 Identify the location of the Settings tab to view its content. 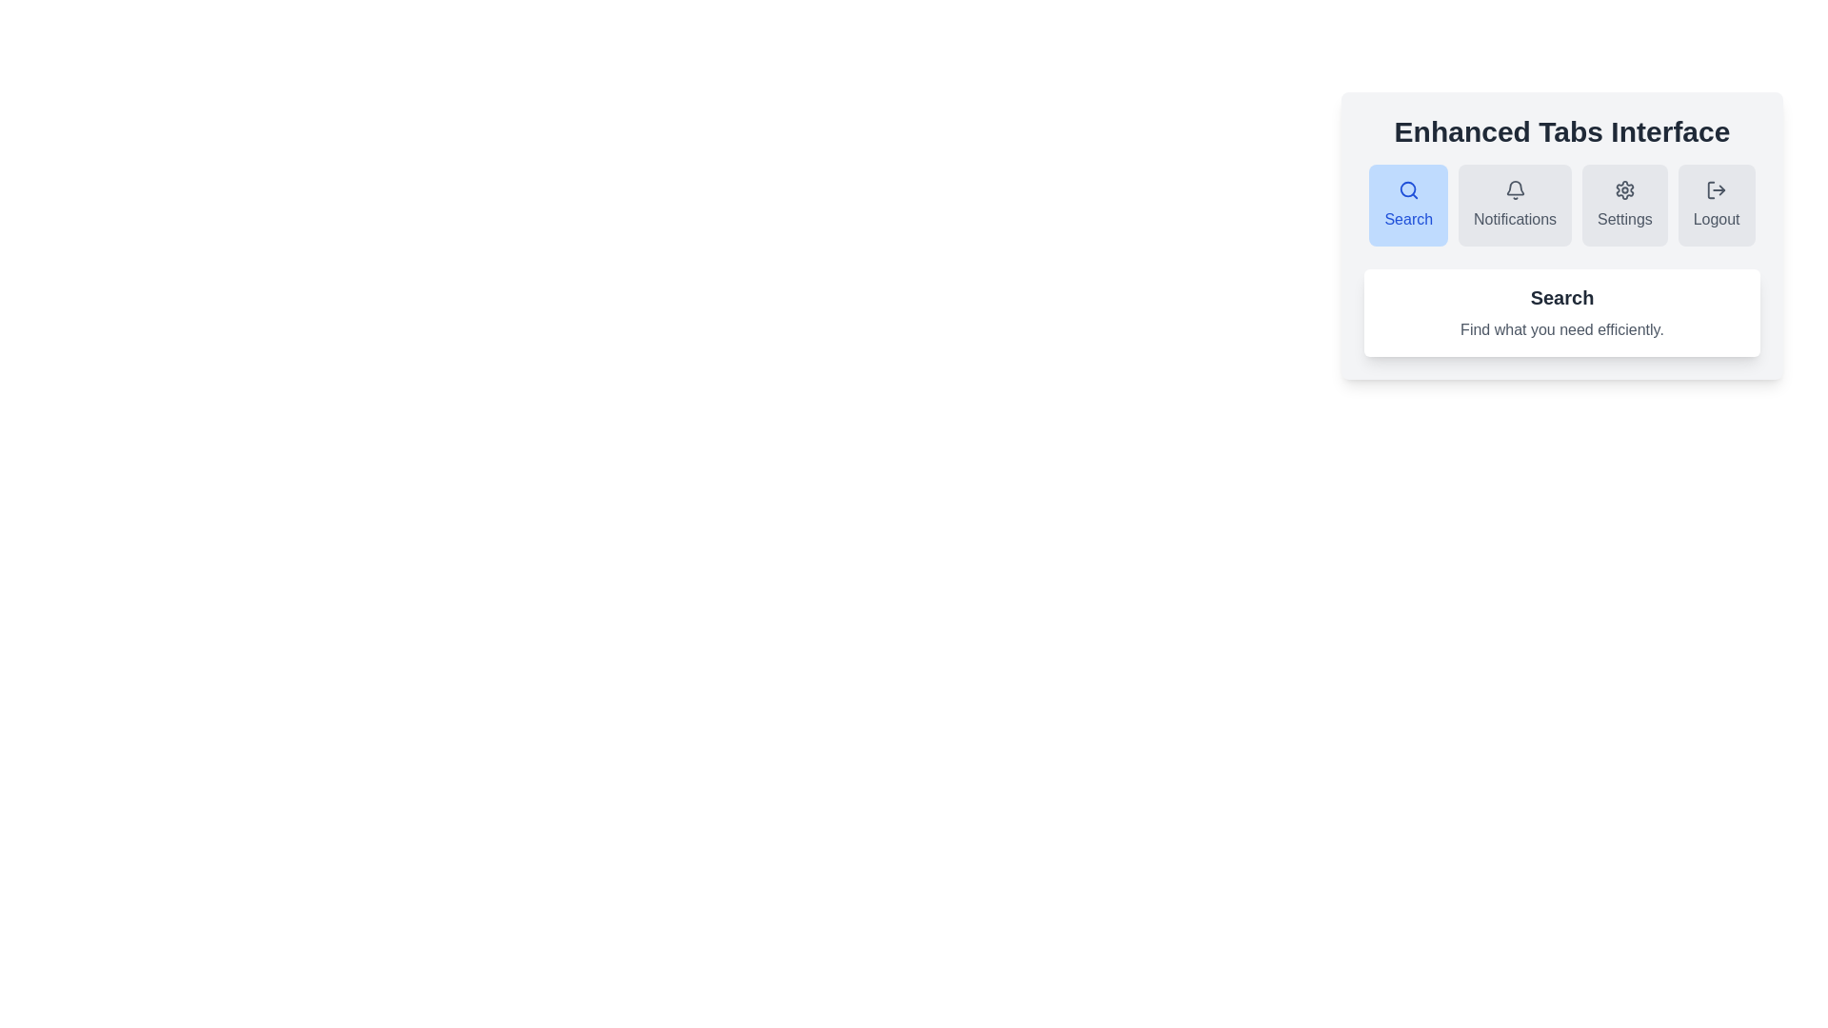
(1623, 206).